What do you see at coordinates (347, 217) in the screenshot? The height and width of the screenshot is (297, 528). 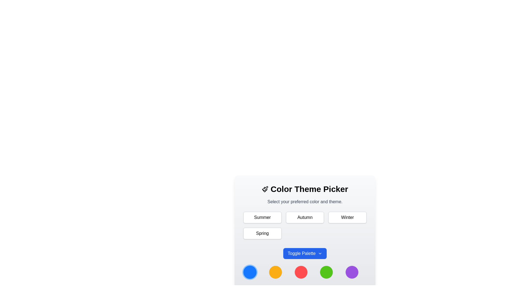 I see `the 'Winter' theme button` at bounding box center [347, 217].